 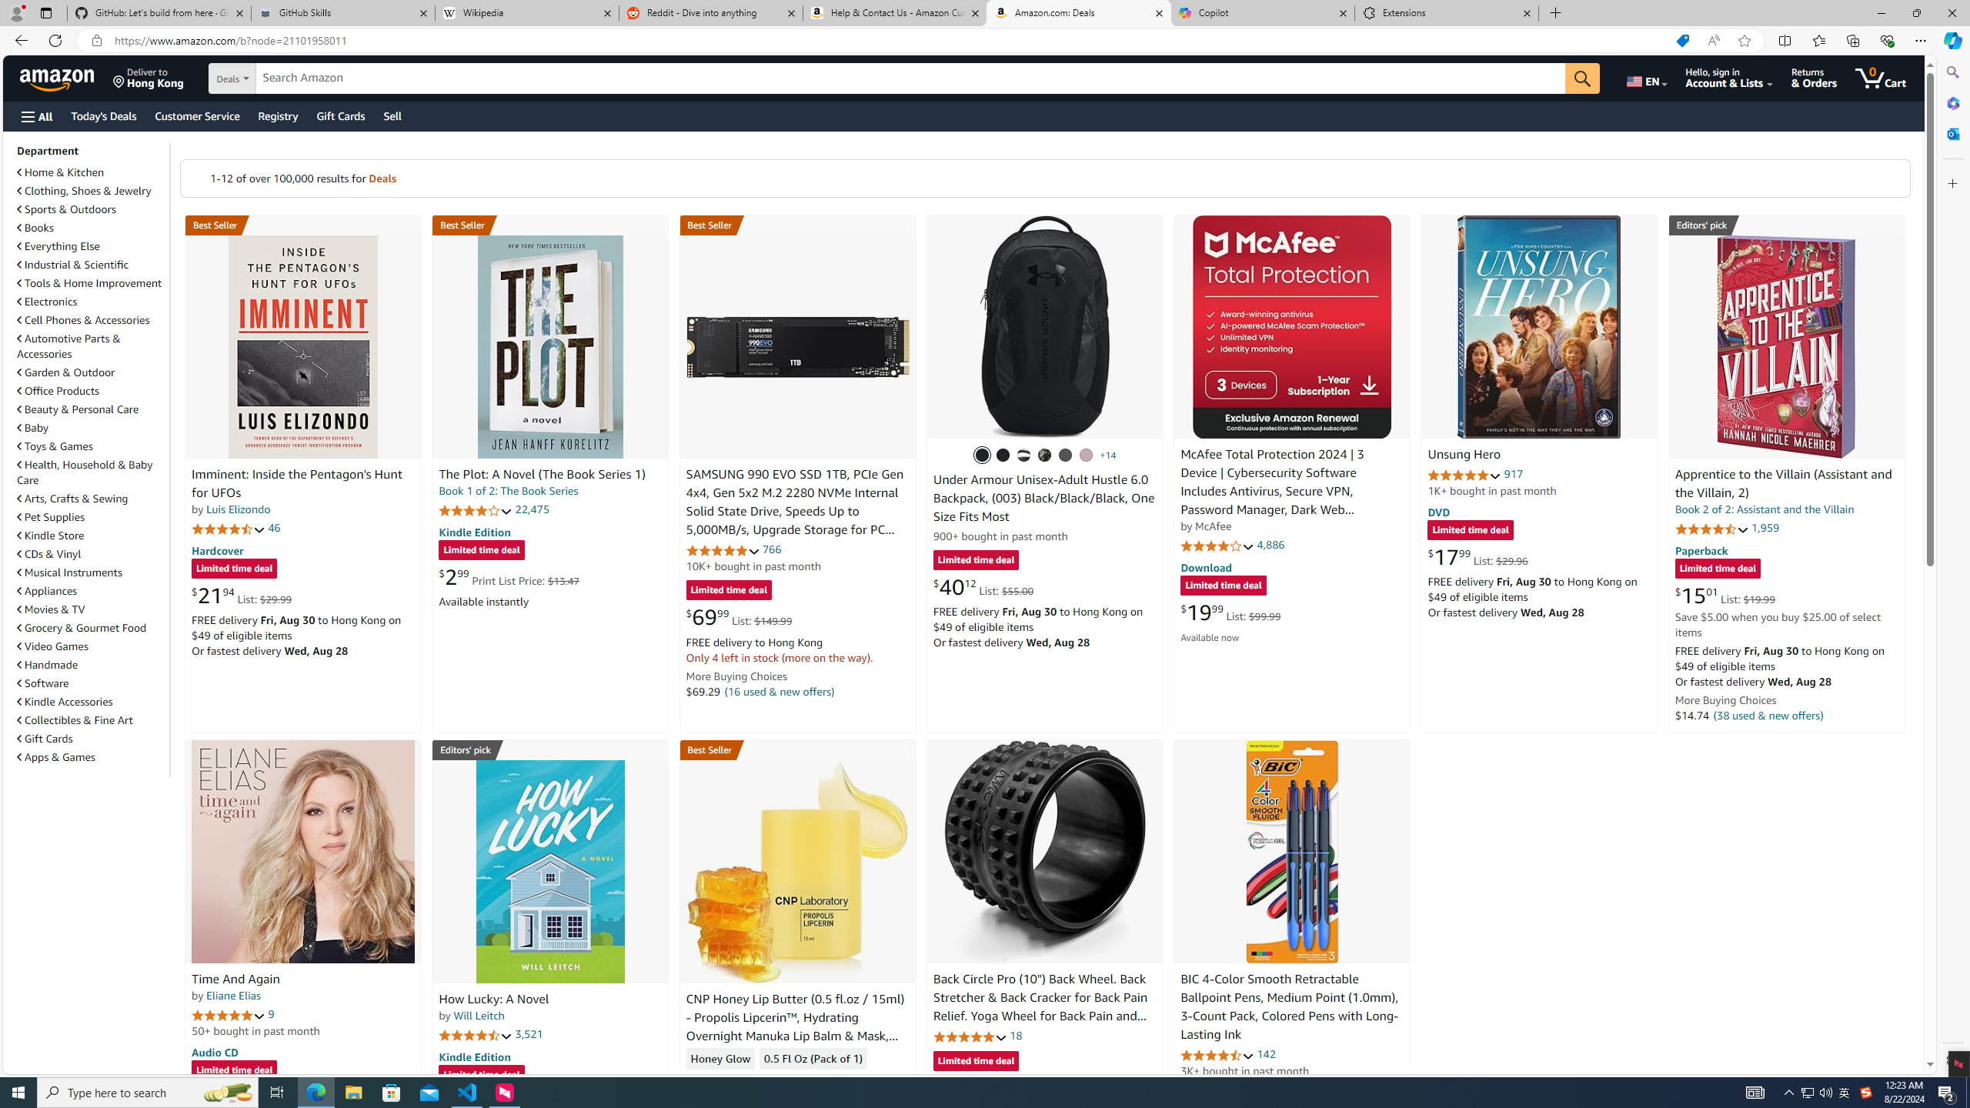 What do you see at coordinates (91, 427) in the screenshot?
I see `'Baby'` at bounding box center [91, 427].